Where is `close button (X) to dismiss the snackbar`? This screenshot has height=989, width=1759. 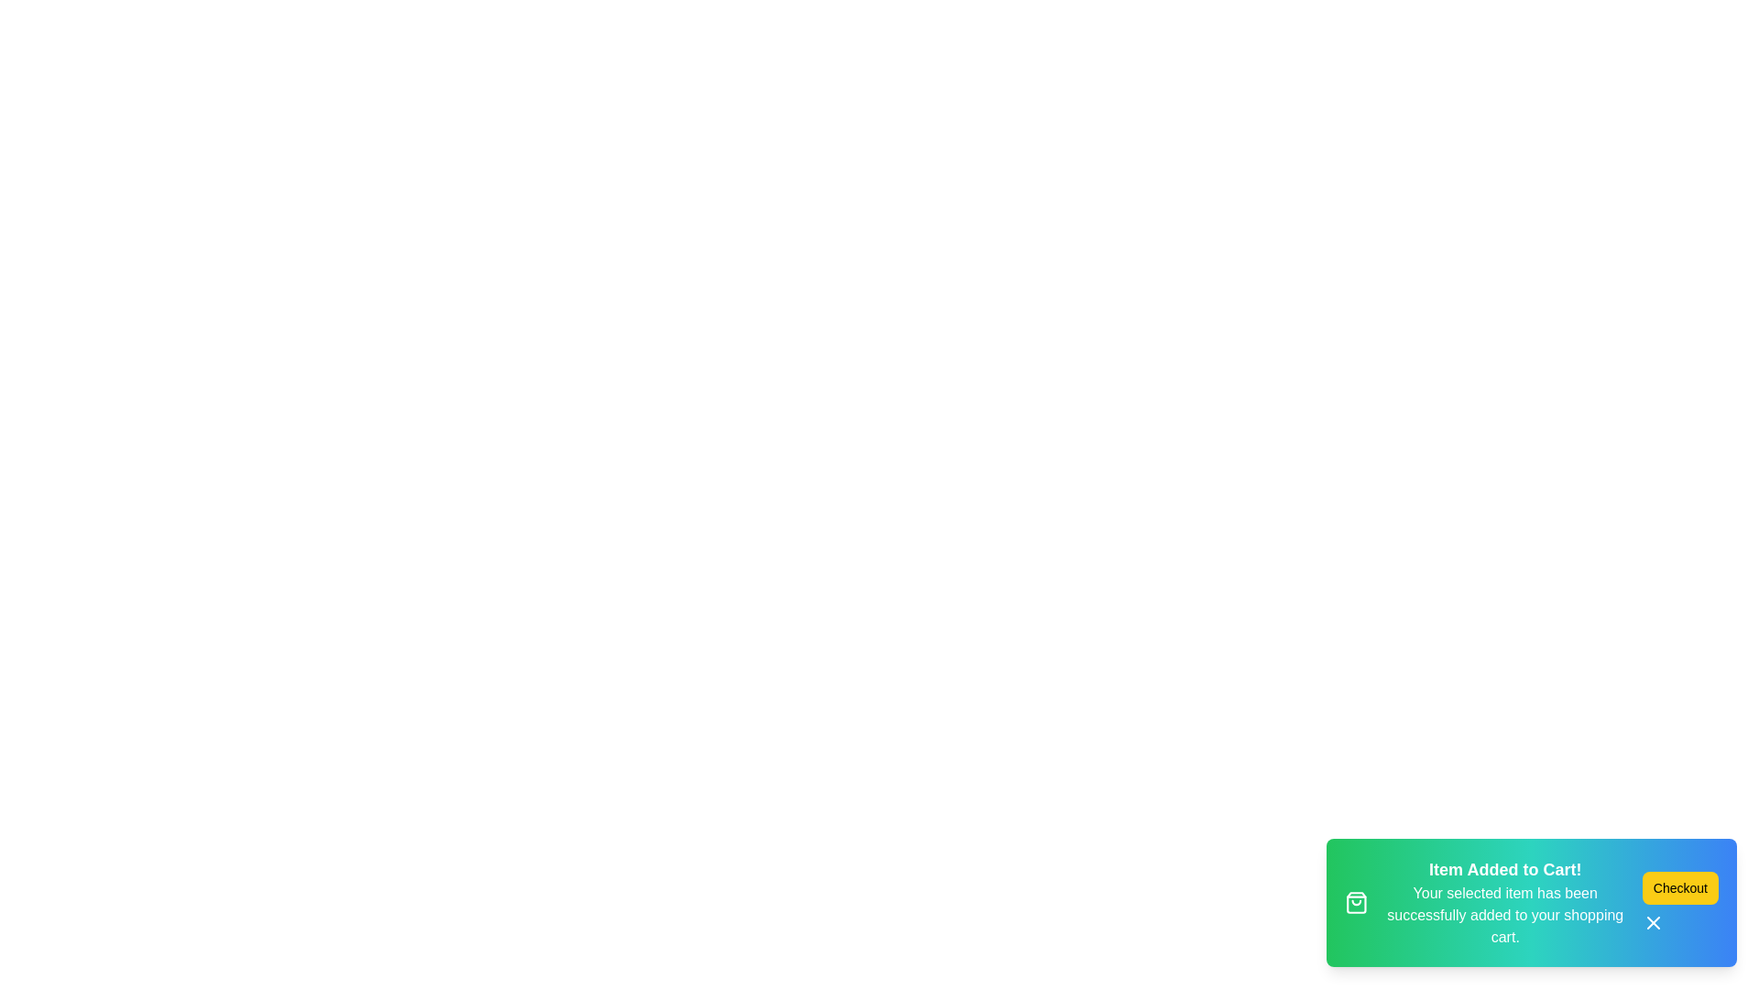 close button (X) to dismiss the snackbar is located at coordinates (1653, 922).